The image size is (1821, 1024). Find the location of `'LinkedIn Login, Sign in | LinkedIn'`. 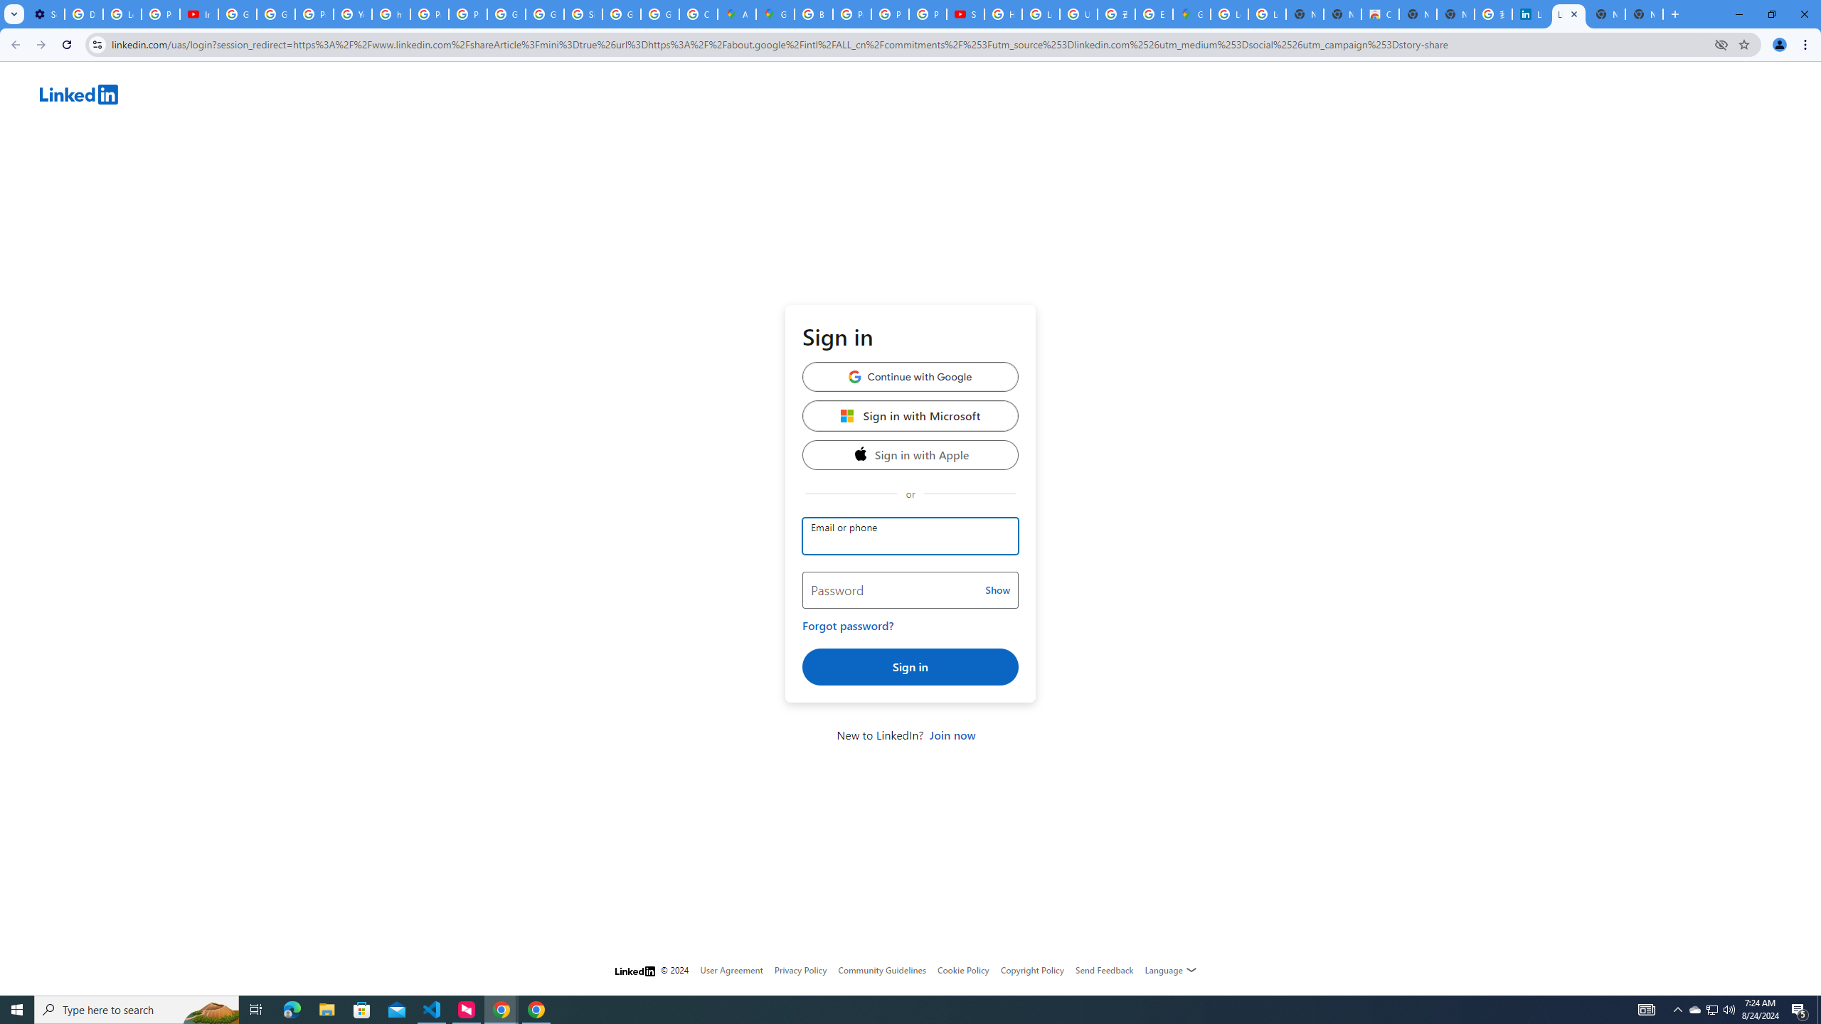

'LinkedIn Login, Sign in | LinkedIn' is located at coordinates (1531, 14).